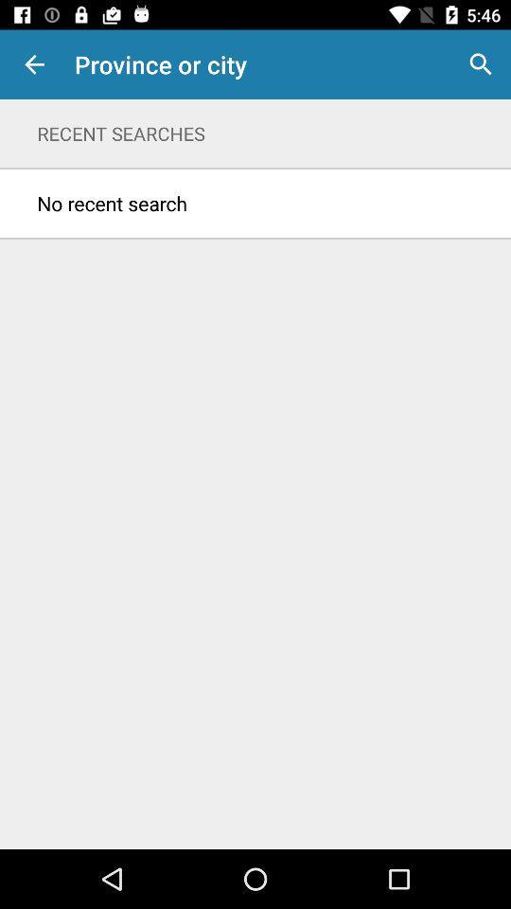 This screenshot has height=909, width=511. I want to click on icon above recent searches item, so click(481, 64).